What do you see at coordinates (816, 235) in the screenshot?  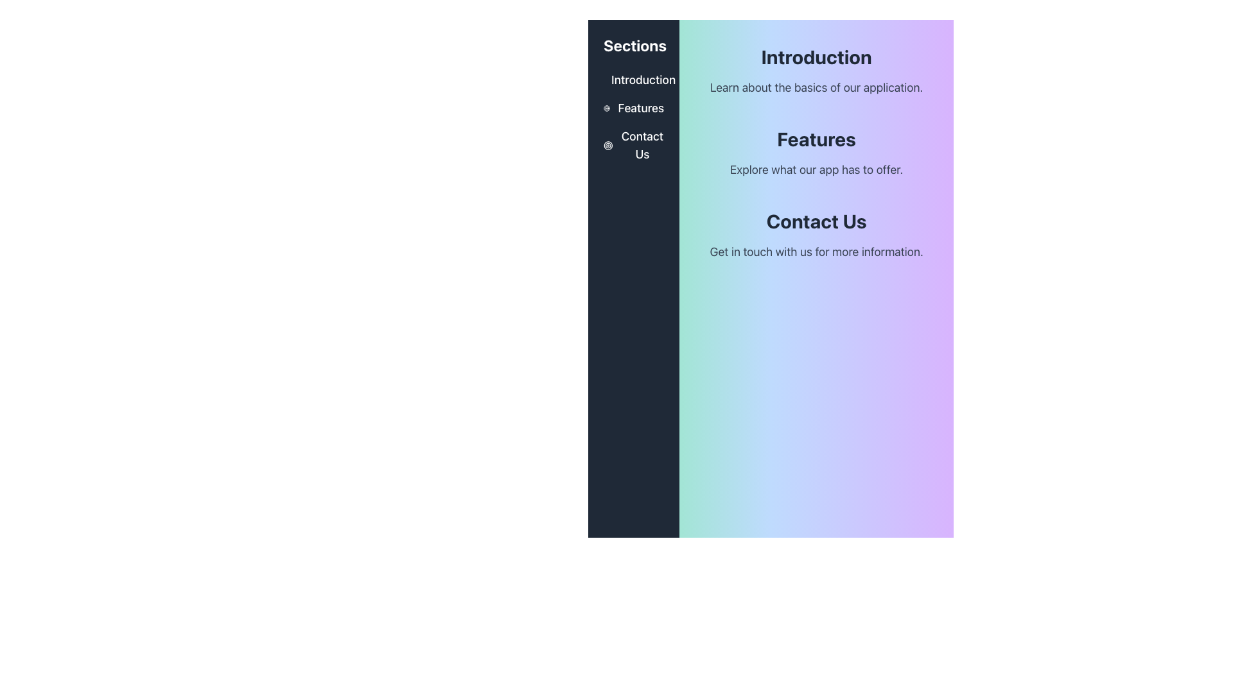 I see `'Contact Us' section header and its description for further details` at bounding box center [816, 235].